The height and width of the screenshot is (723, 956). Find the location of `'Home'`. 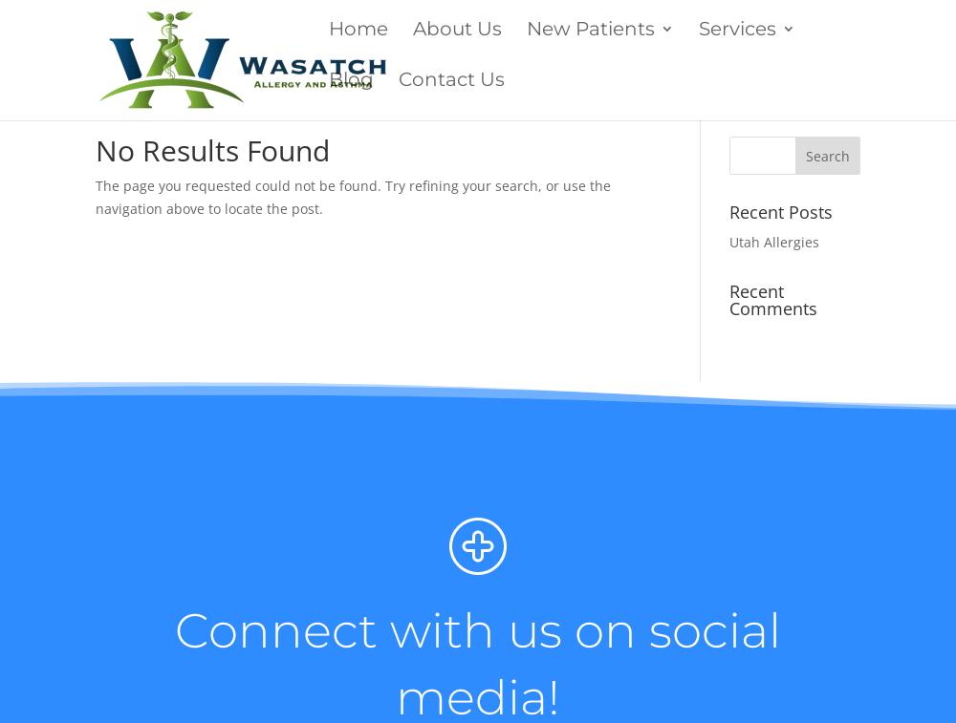

'Home' is located at coordinates (358, 34).